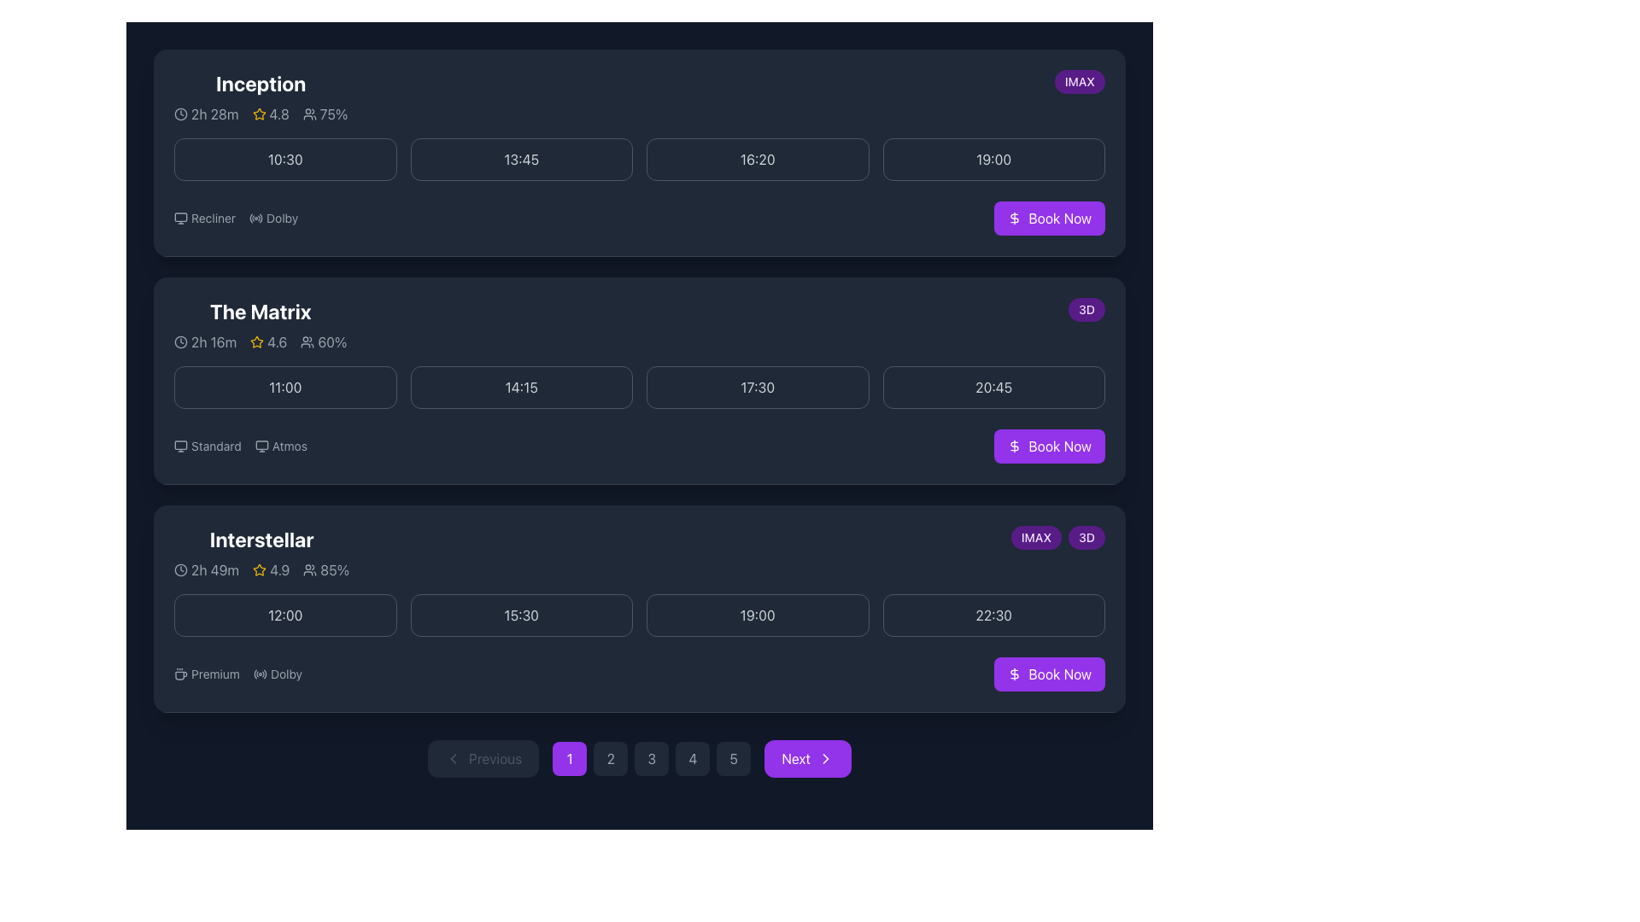 The image size is (1640, 922). I want to click on the text label displaying 'Dolby' in light gray color, which is positioned to the right of the 'Recliner' label under the movie 'Inception' details card, so click(273, 217).